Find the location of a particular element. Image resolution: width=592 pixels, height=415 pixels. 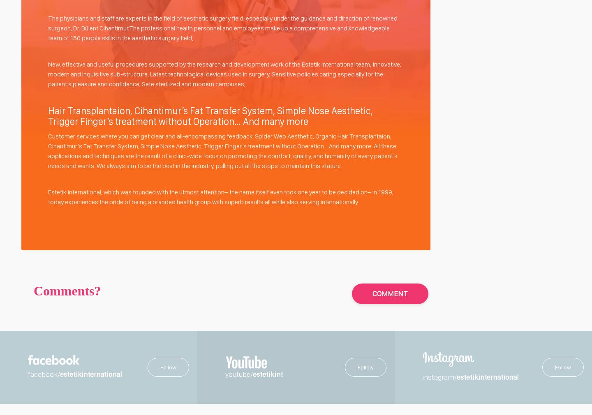

'estetikint' is located at coordinates (252, 373).